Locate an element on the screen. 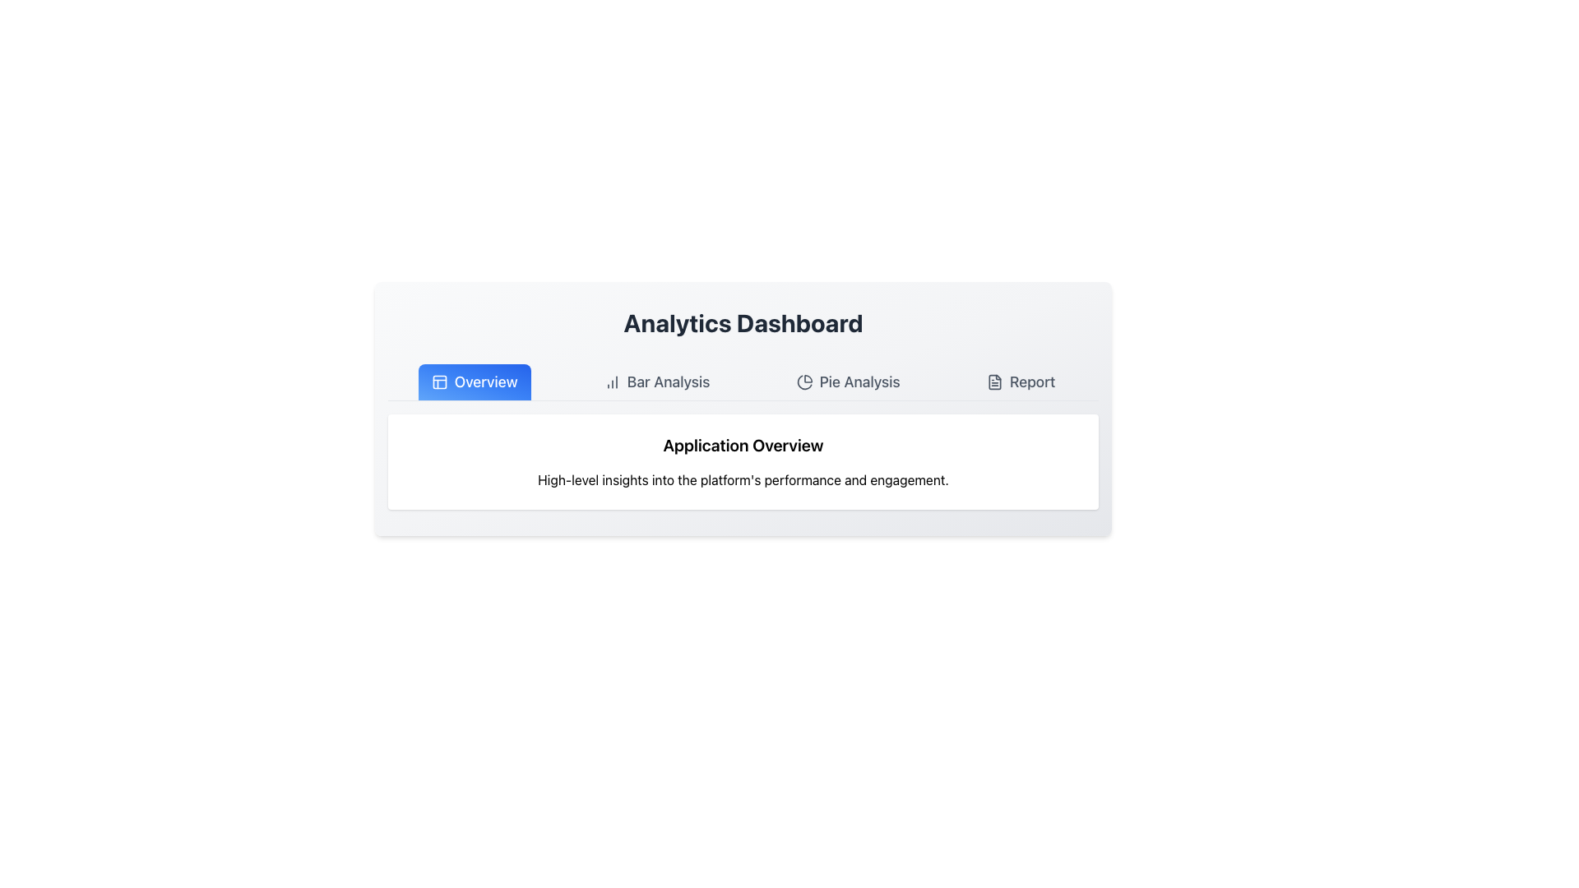  the static text label that provides context about the 'Application Overview' section, located beneath the heading 'Application Overview' in the 'Analytics Dashboard' panel is located at coordinates (742, 479).